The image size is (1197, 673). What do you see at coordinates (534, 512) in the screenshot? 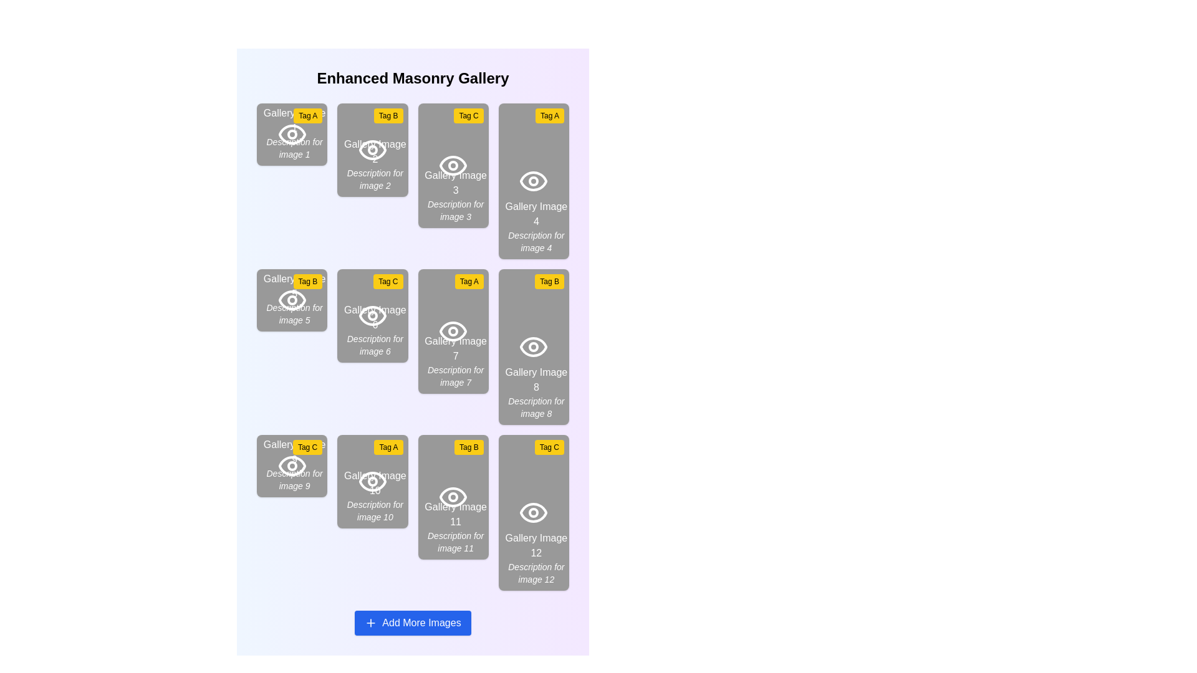
I see `the eye icon centered on the card labeled 'Gallery Image 12' which is at the last row and last column of the gallery layout` at bounding box center [534, 512].